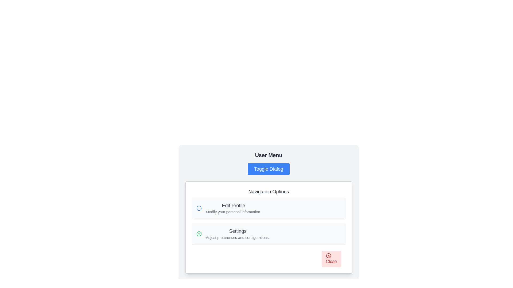  I want to click on the blue button labeled 'Toggle Dialog' with rounded corners, located under the 'User Menu' heading and above 'Navigation Options', so click(269, 169).